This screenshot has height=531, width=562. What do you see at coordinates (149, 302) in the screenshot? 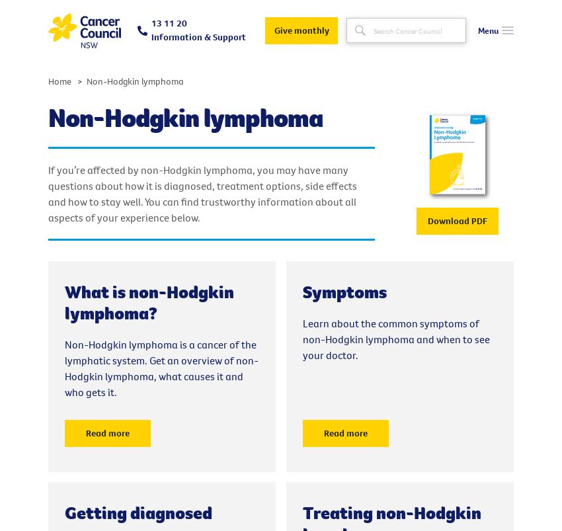
I see `'What is non-Hodgkin lymphoma?'` at bounding box center [149, 302].